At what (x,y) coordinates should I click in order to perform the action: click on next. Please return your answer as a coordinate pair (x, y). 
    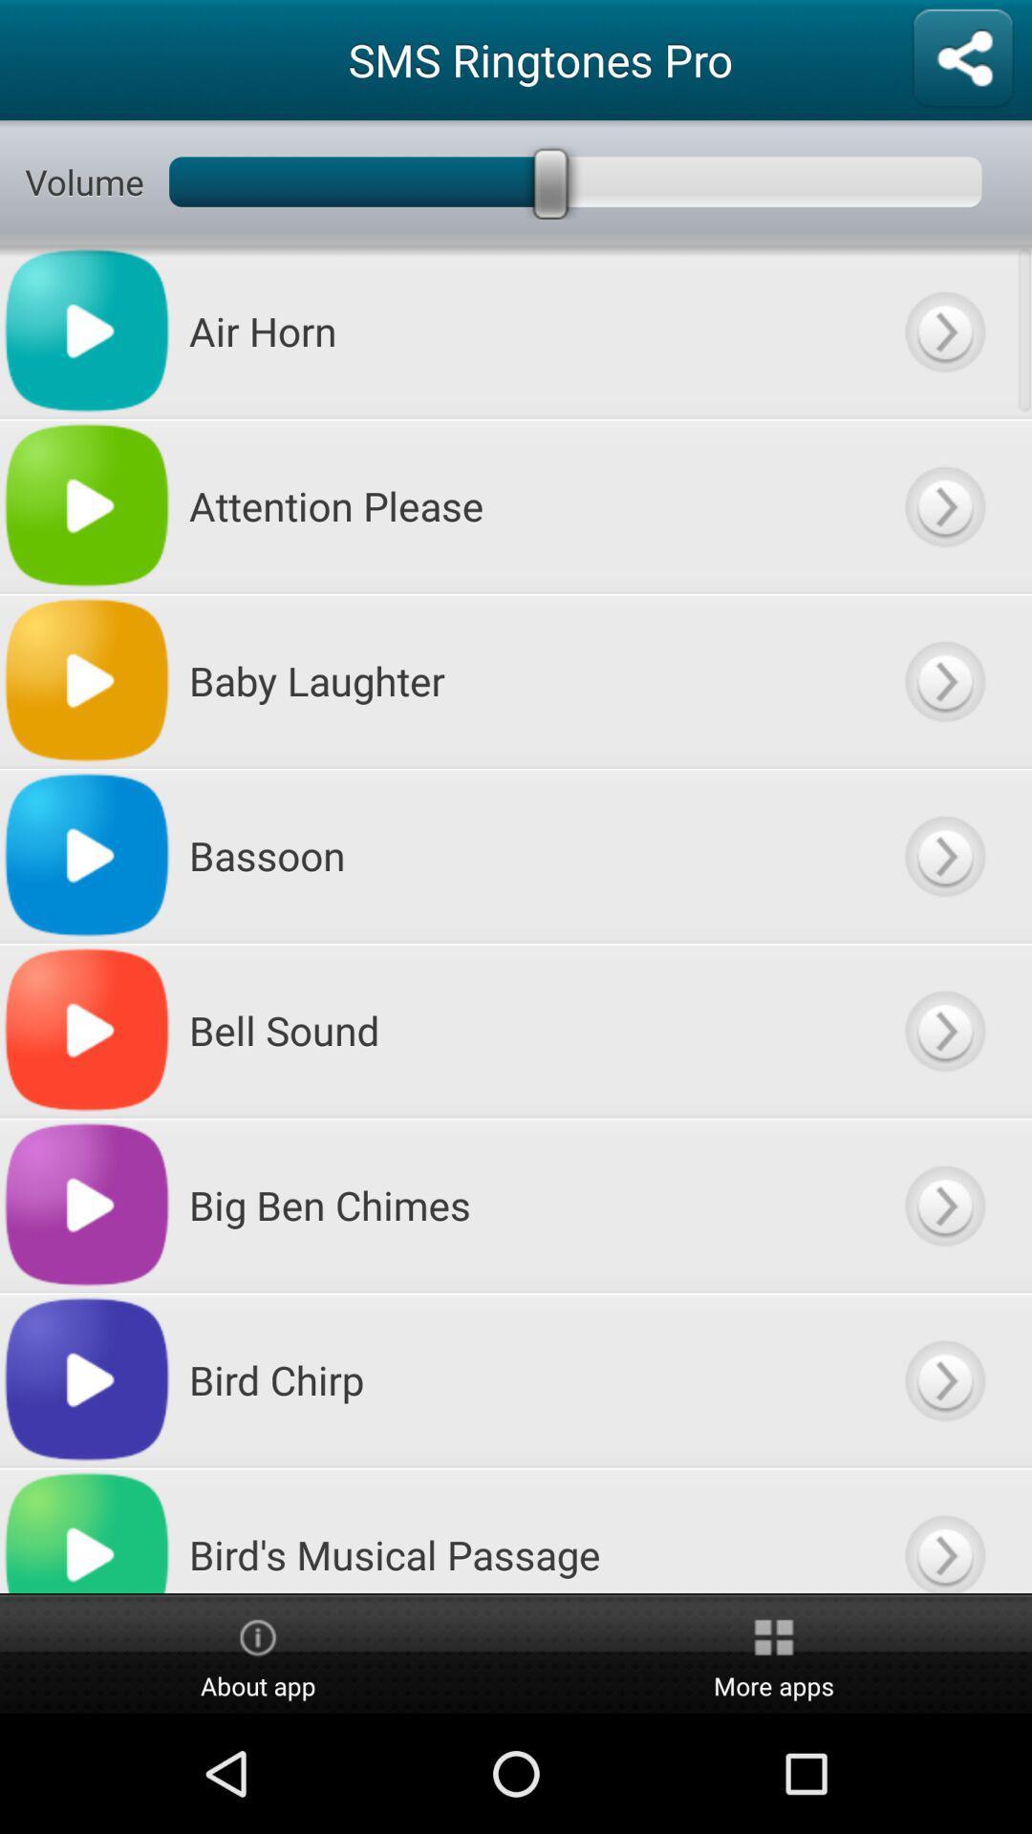
    Looking at the image, I should click on (943, 1204).